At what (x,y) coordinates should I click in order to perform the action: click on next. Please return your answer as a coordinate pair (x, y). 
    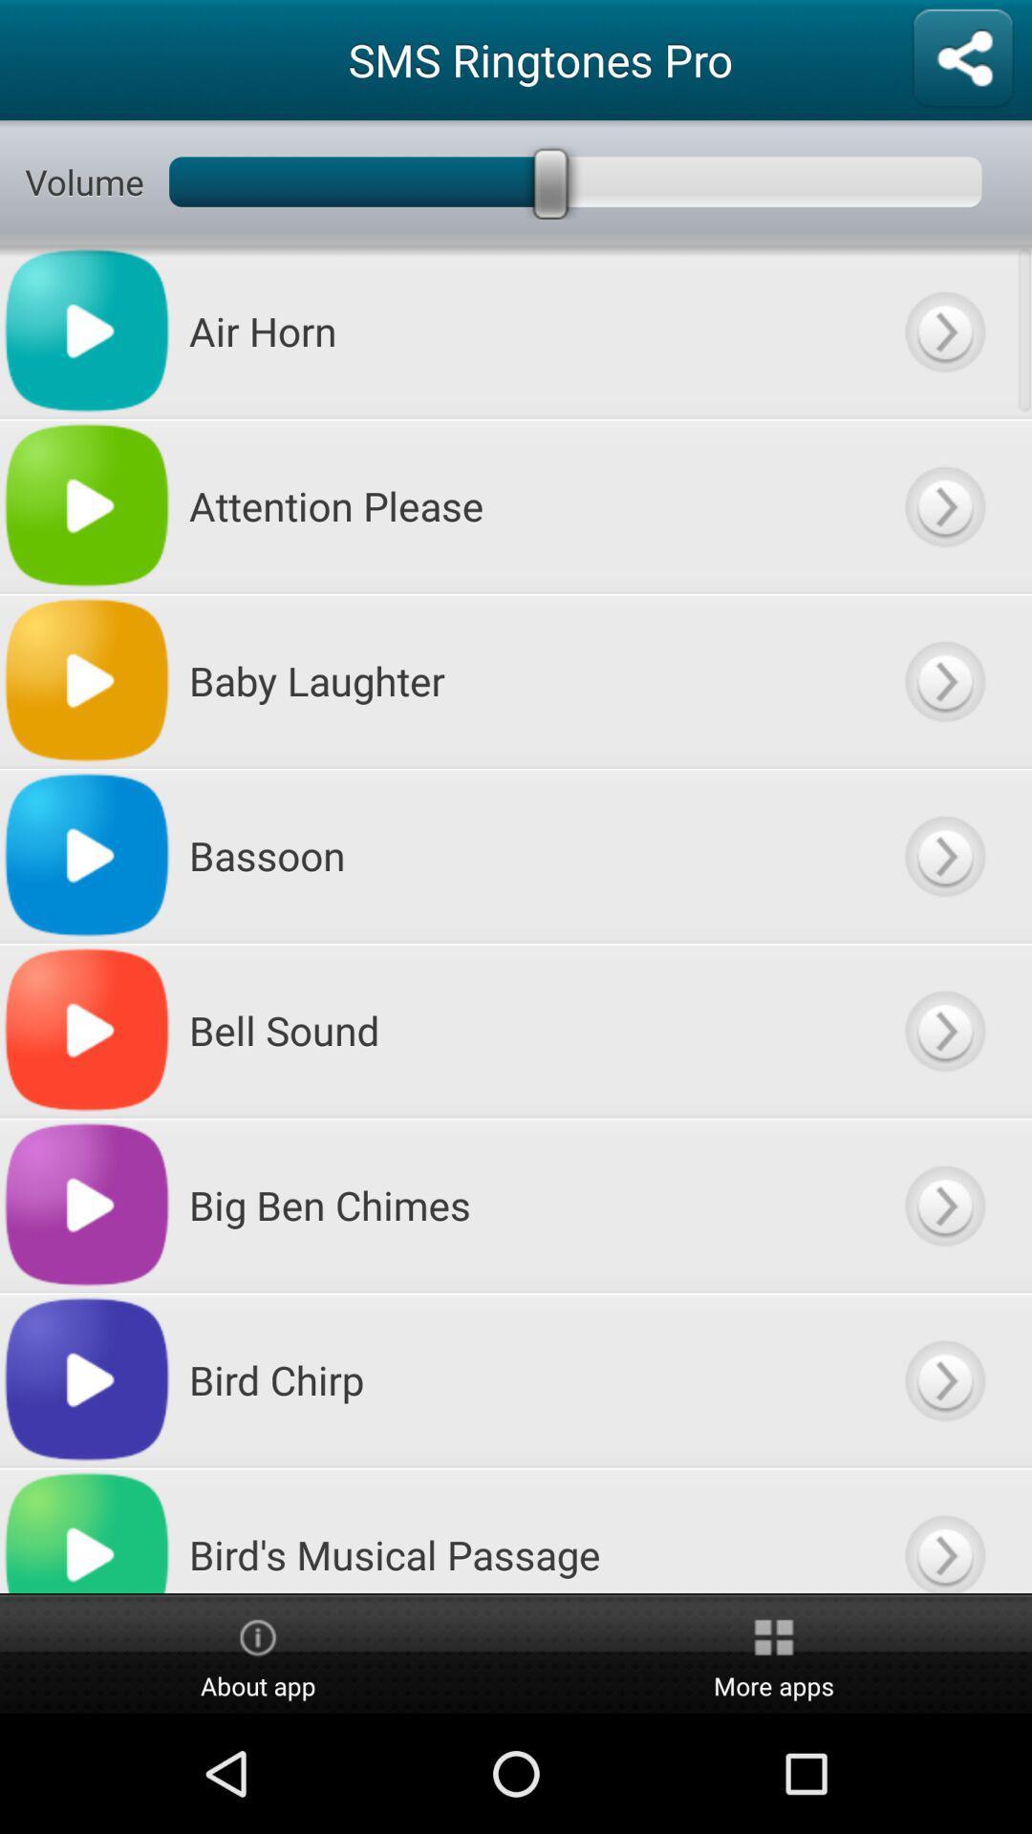
    Looking at the image, I should click on (943, 1204).